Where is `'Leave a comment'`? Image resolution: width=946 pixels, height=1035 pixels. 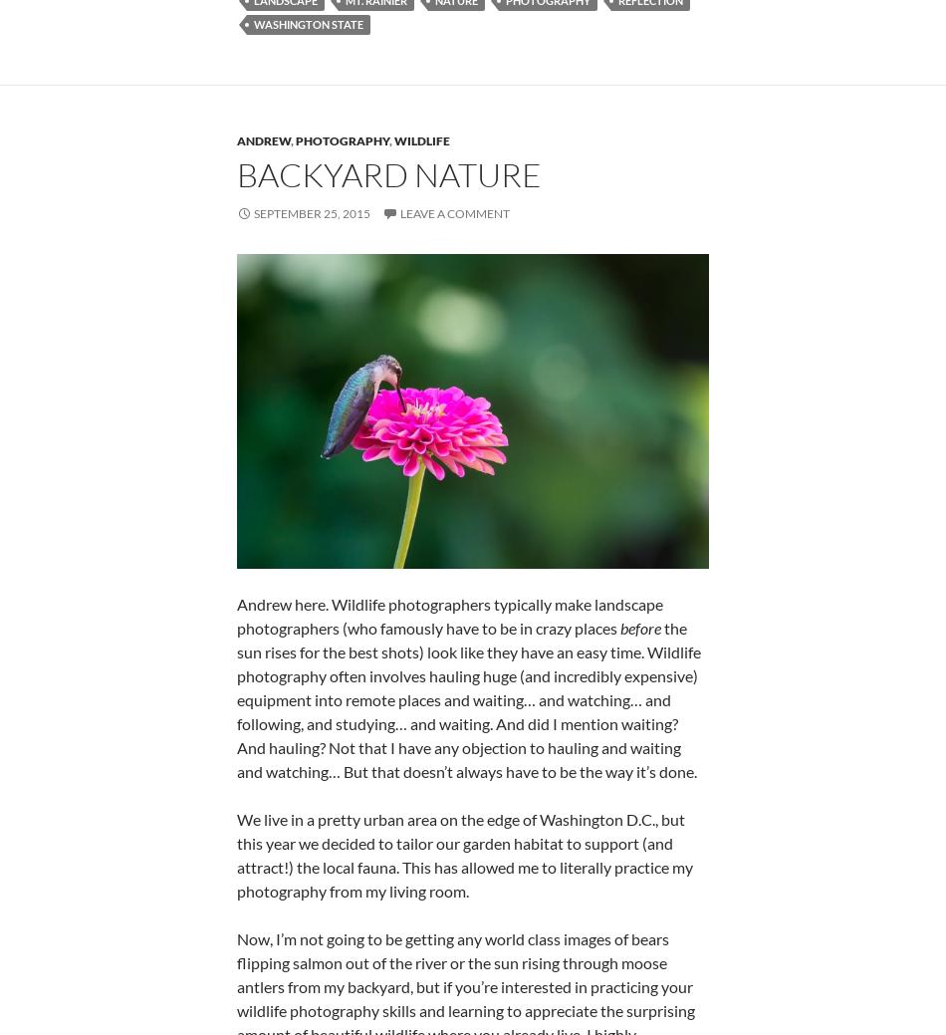 'Leave a comment' is located at coordinates (454, 213).